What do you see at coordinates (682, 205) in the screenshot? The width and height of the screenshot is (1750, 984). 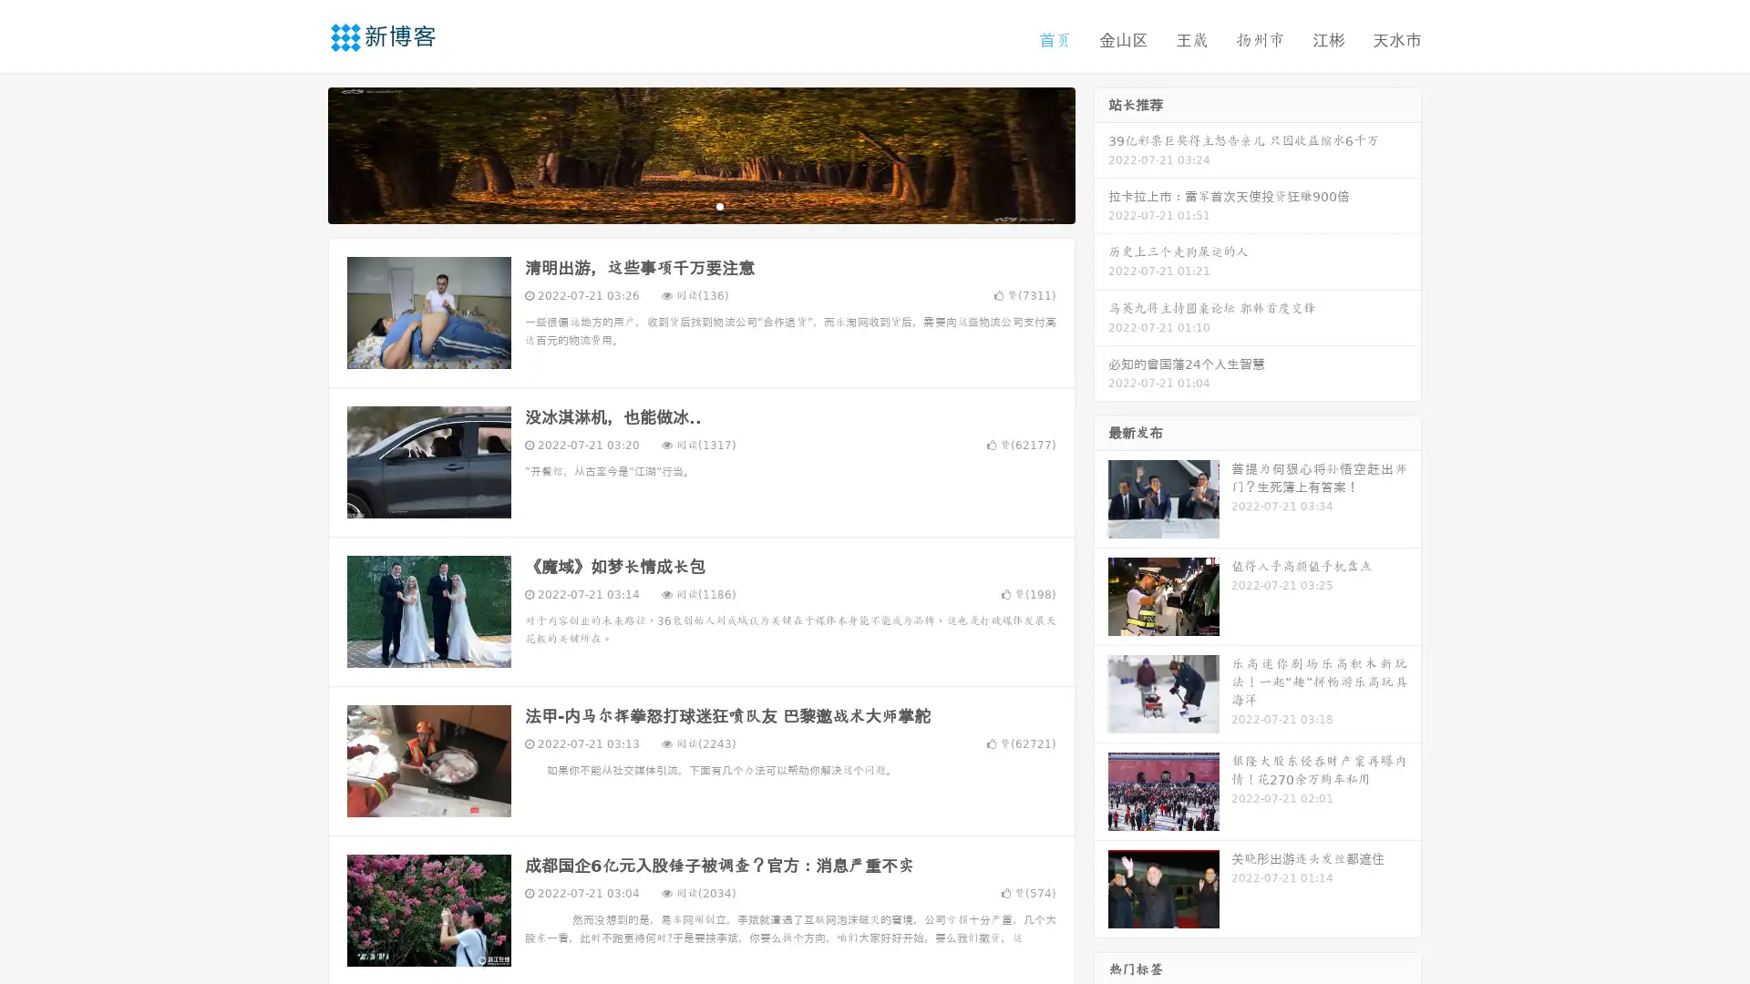 I see `Go to slide 1` at bounding box center [682, 205].